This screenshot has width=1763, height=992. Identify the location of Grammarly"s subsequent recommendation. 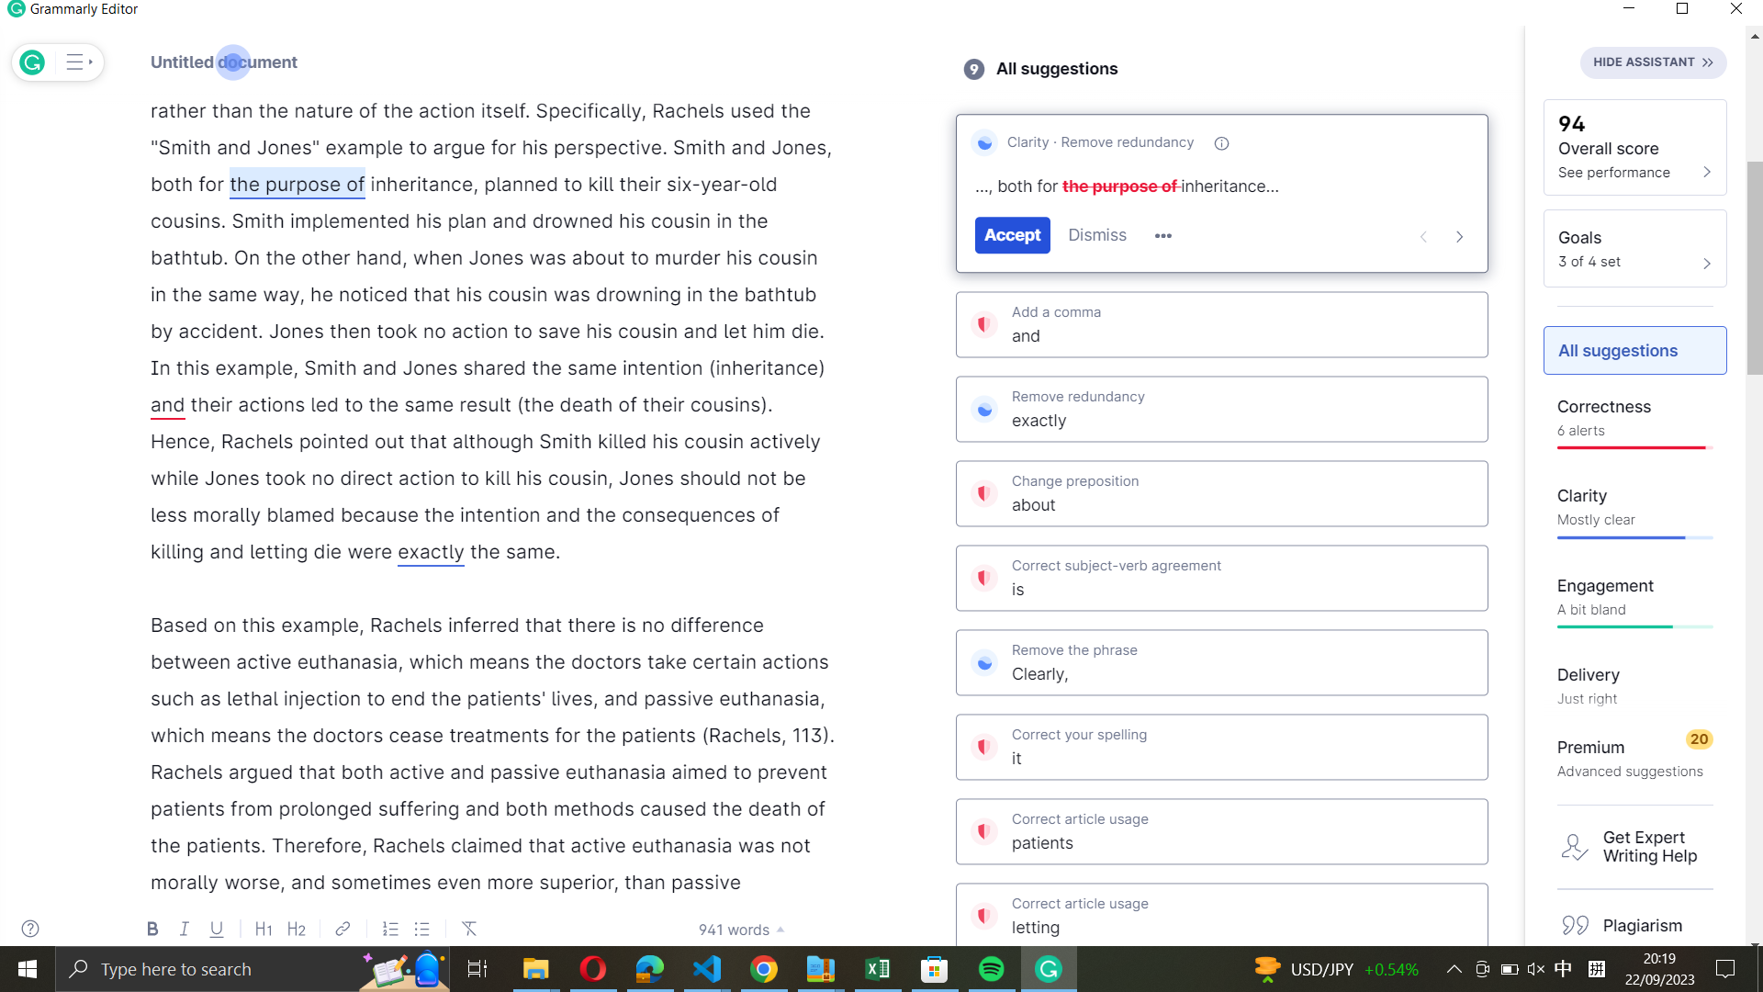
(1459, 234).